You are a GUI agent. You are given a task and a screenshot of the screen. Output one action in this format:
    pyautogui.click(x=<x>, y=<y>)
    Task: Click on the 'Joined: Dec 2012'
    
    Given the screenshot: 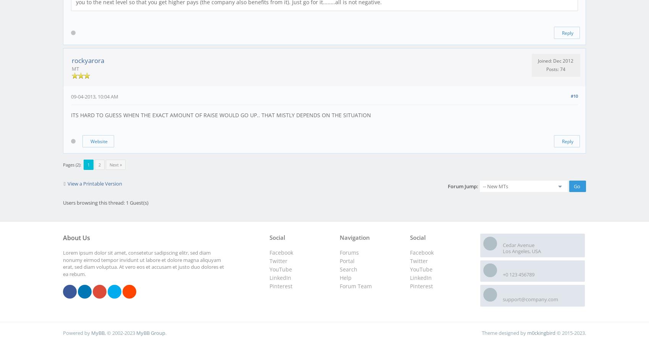 What is the action you would take?
    pyautogui.click(x=555, y=60)
    